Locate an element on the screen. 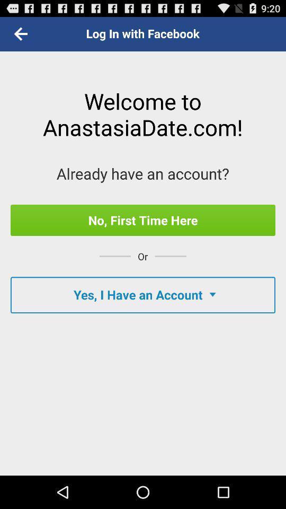 Image resolution: width=286 pixels, height=509 pixels. the item below the already have an is located at coordinates (143, 220).